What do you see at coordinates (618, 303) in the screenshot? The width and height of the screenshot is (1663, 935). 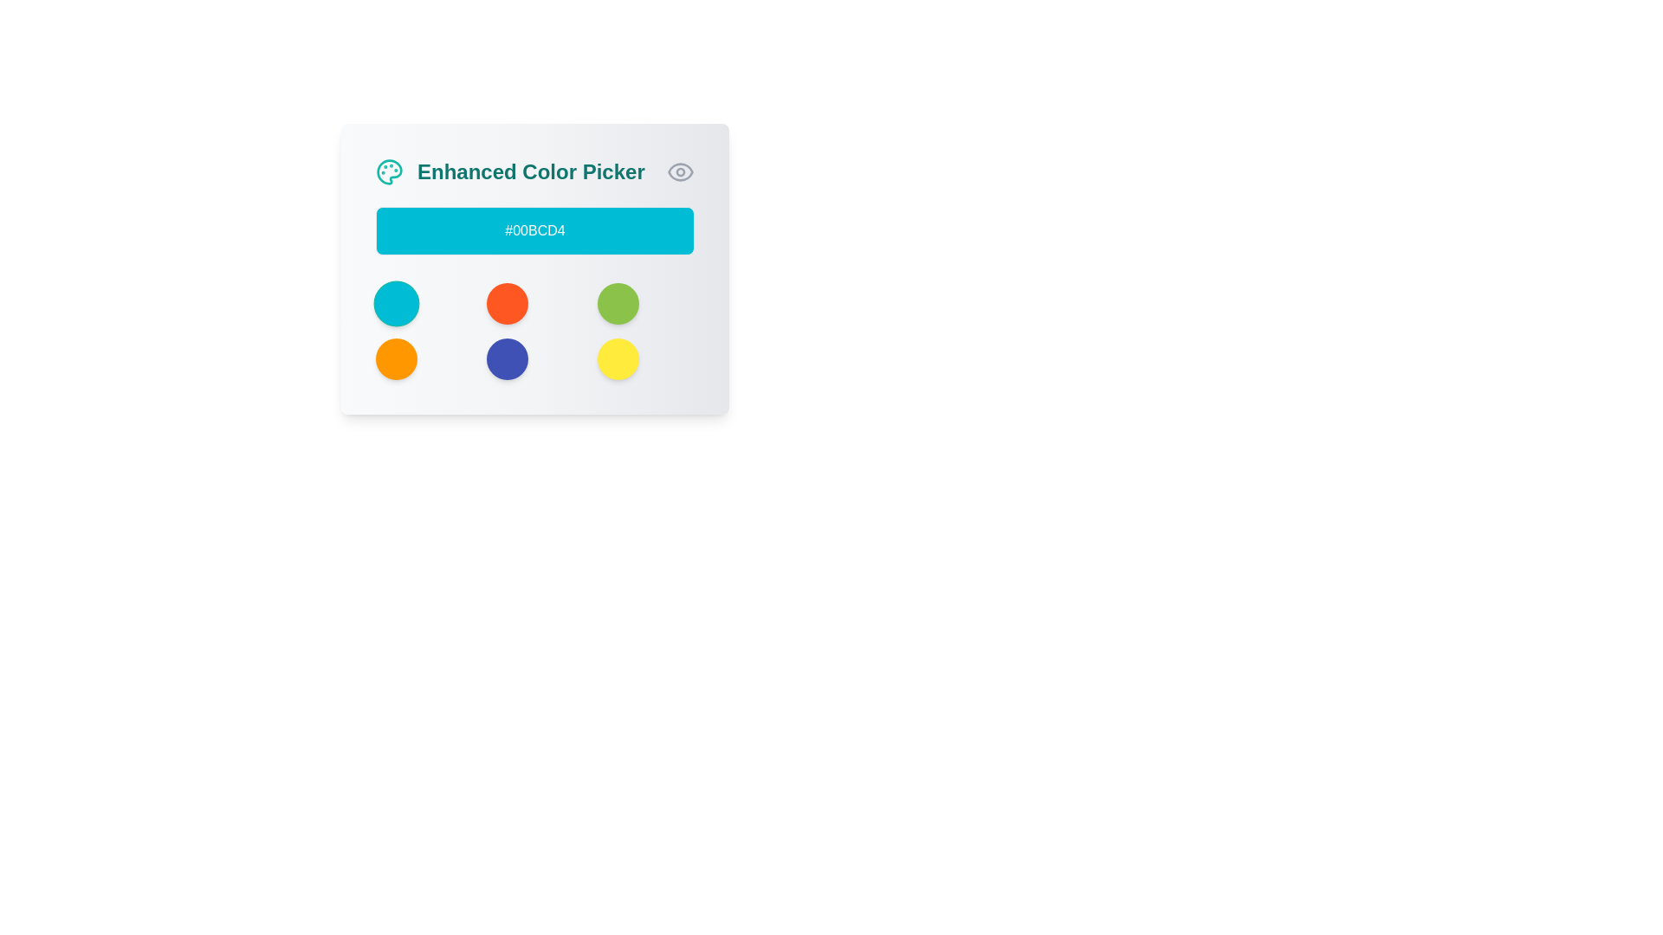 I see `the third button in the top row of the color selection grid` at bounding box center [618, 303].